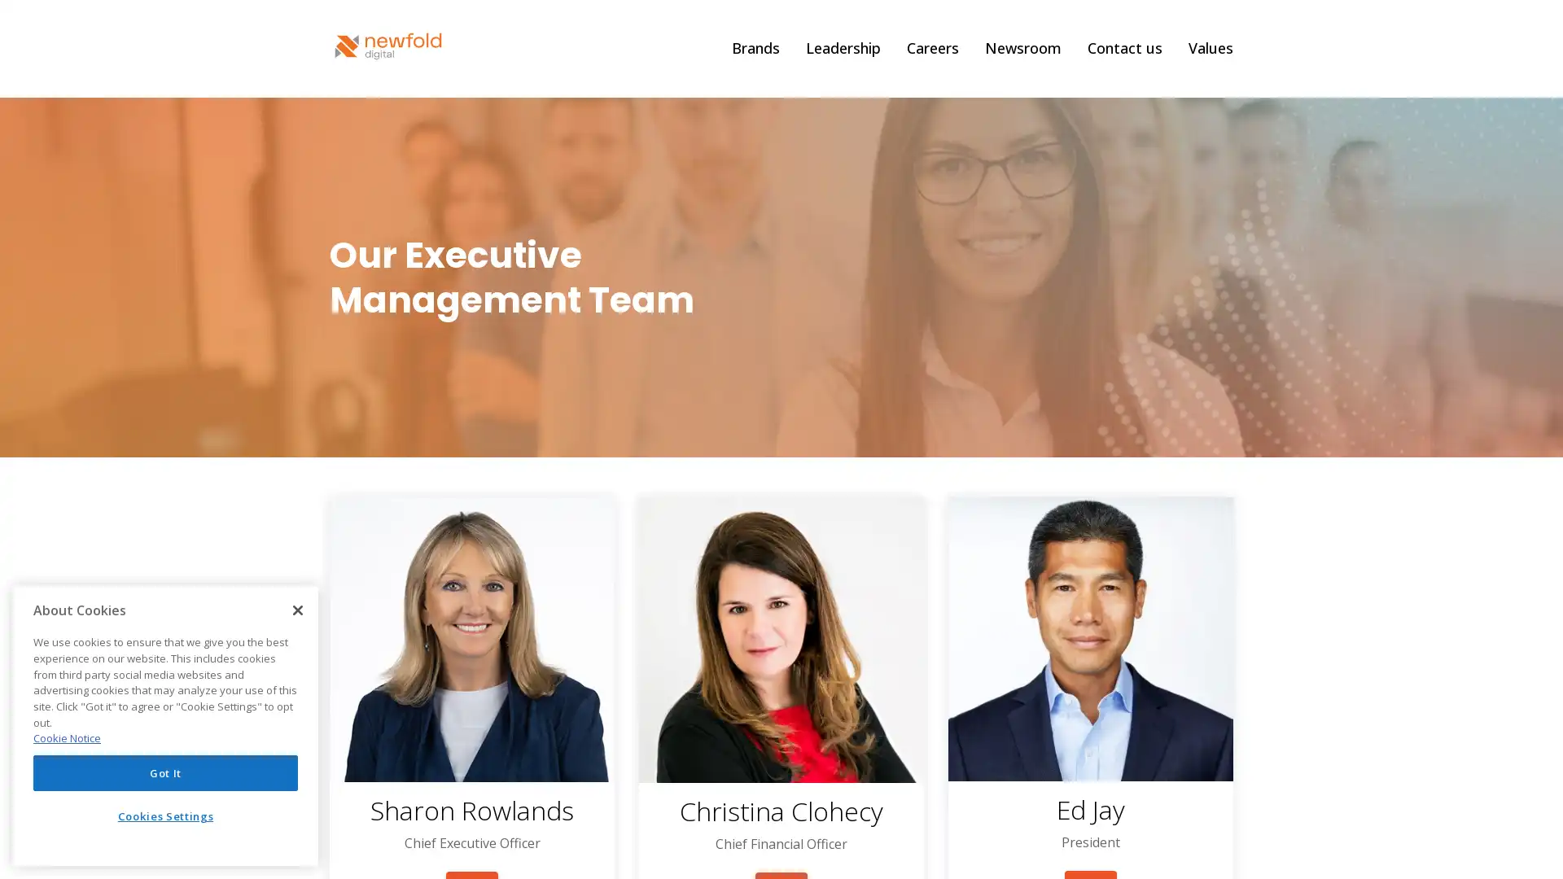  I want to click on Got It, so click(165, 772).